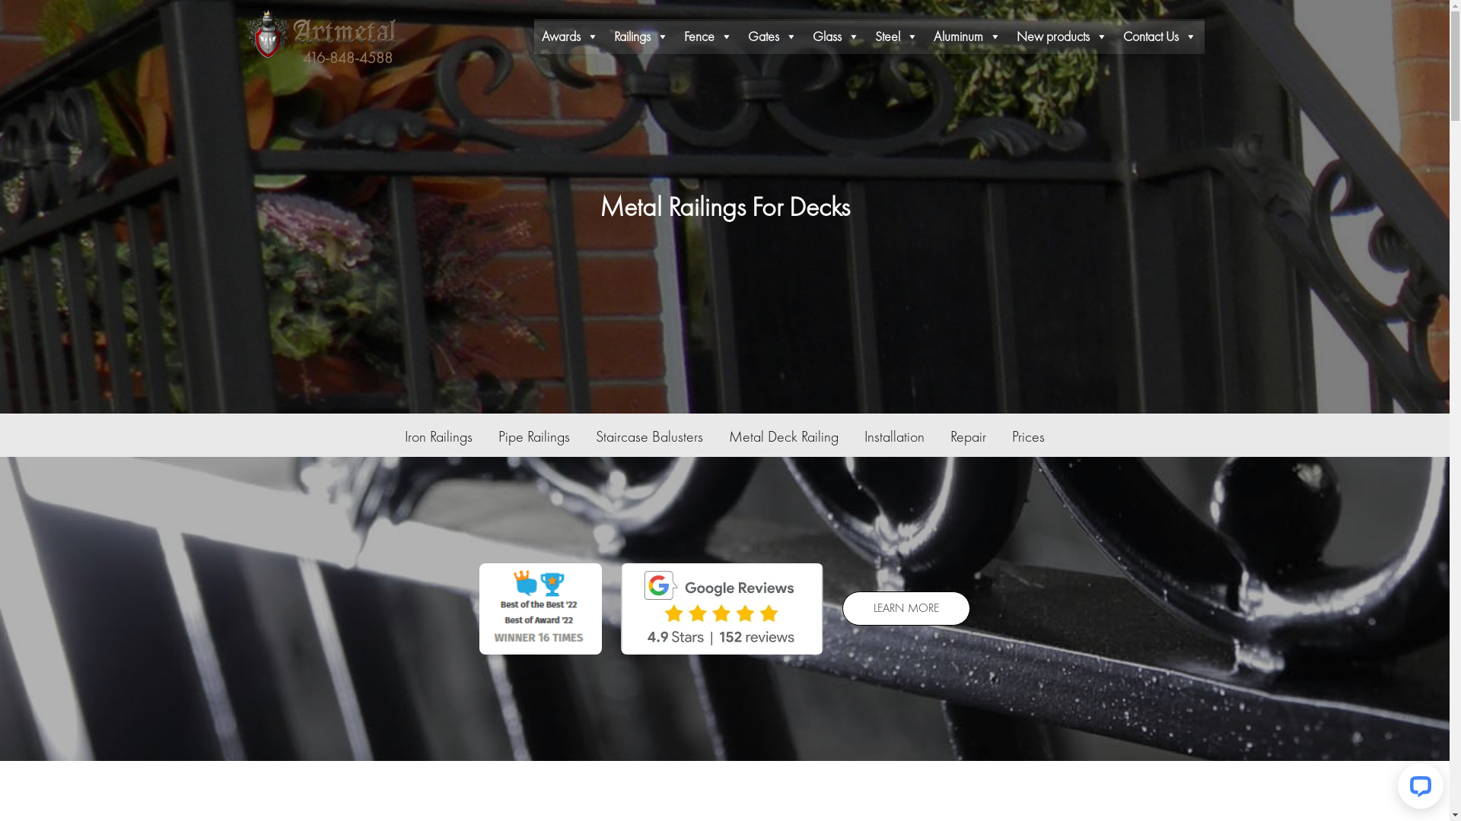  Describe the element at coordinates (533, 436) in the screenshot. I see `'Pipe Railings'` at that location.